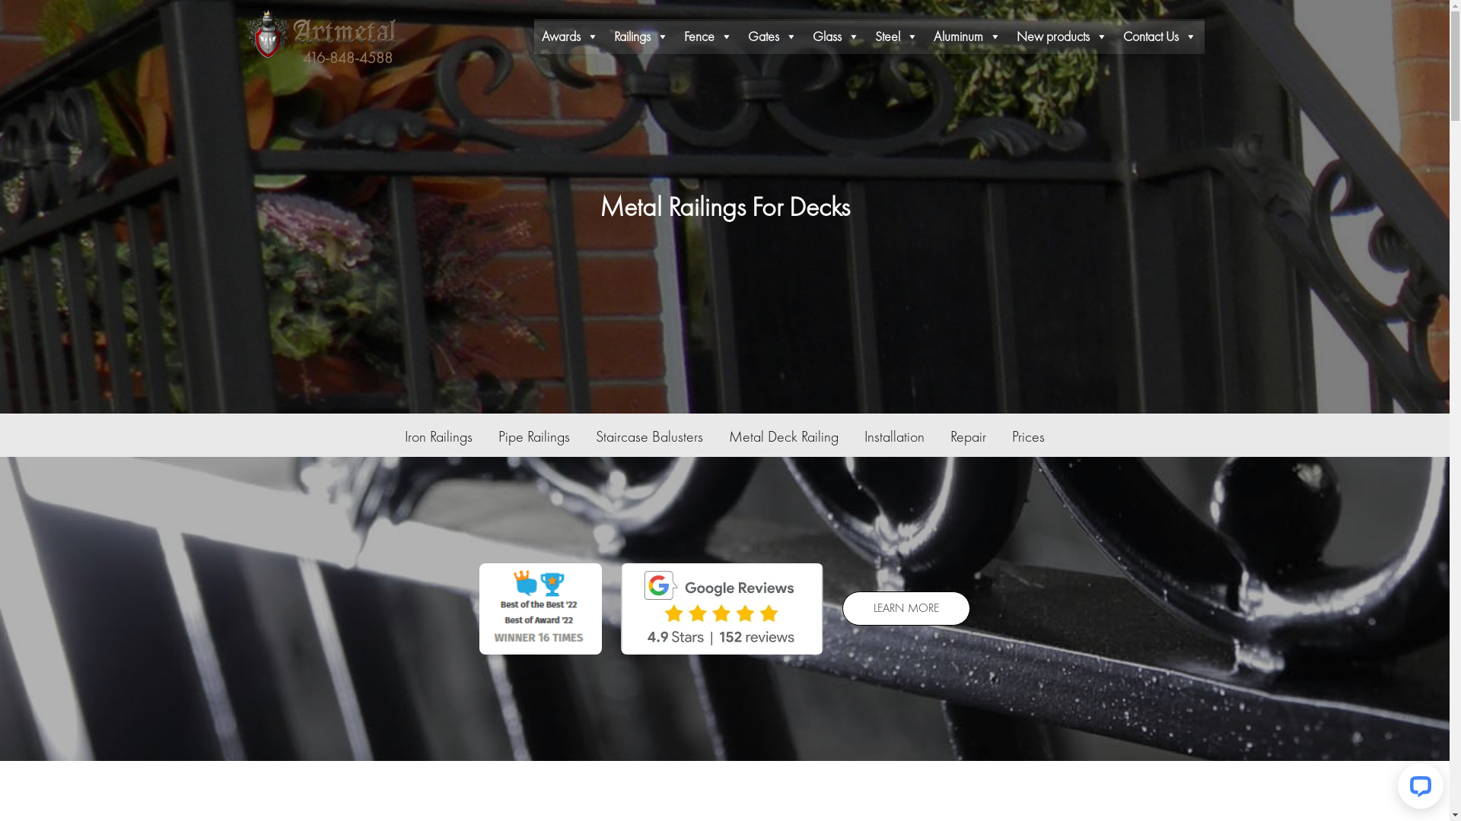  Describe the element at coordinates (533, 436) in the screenshot. I see `'Pipe Railings'` at that location.